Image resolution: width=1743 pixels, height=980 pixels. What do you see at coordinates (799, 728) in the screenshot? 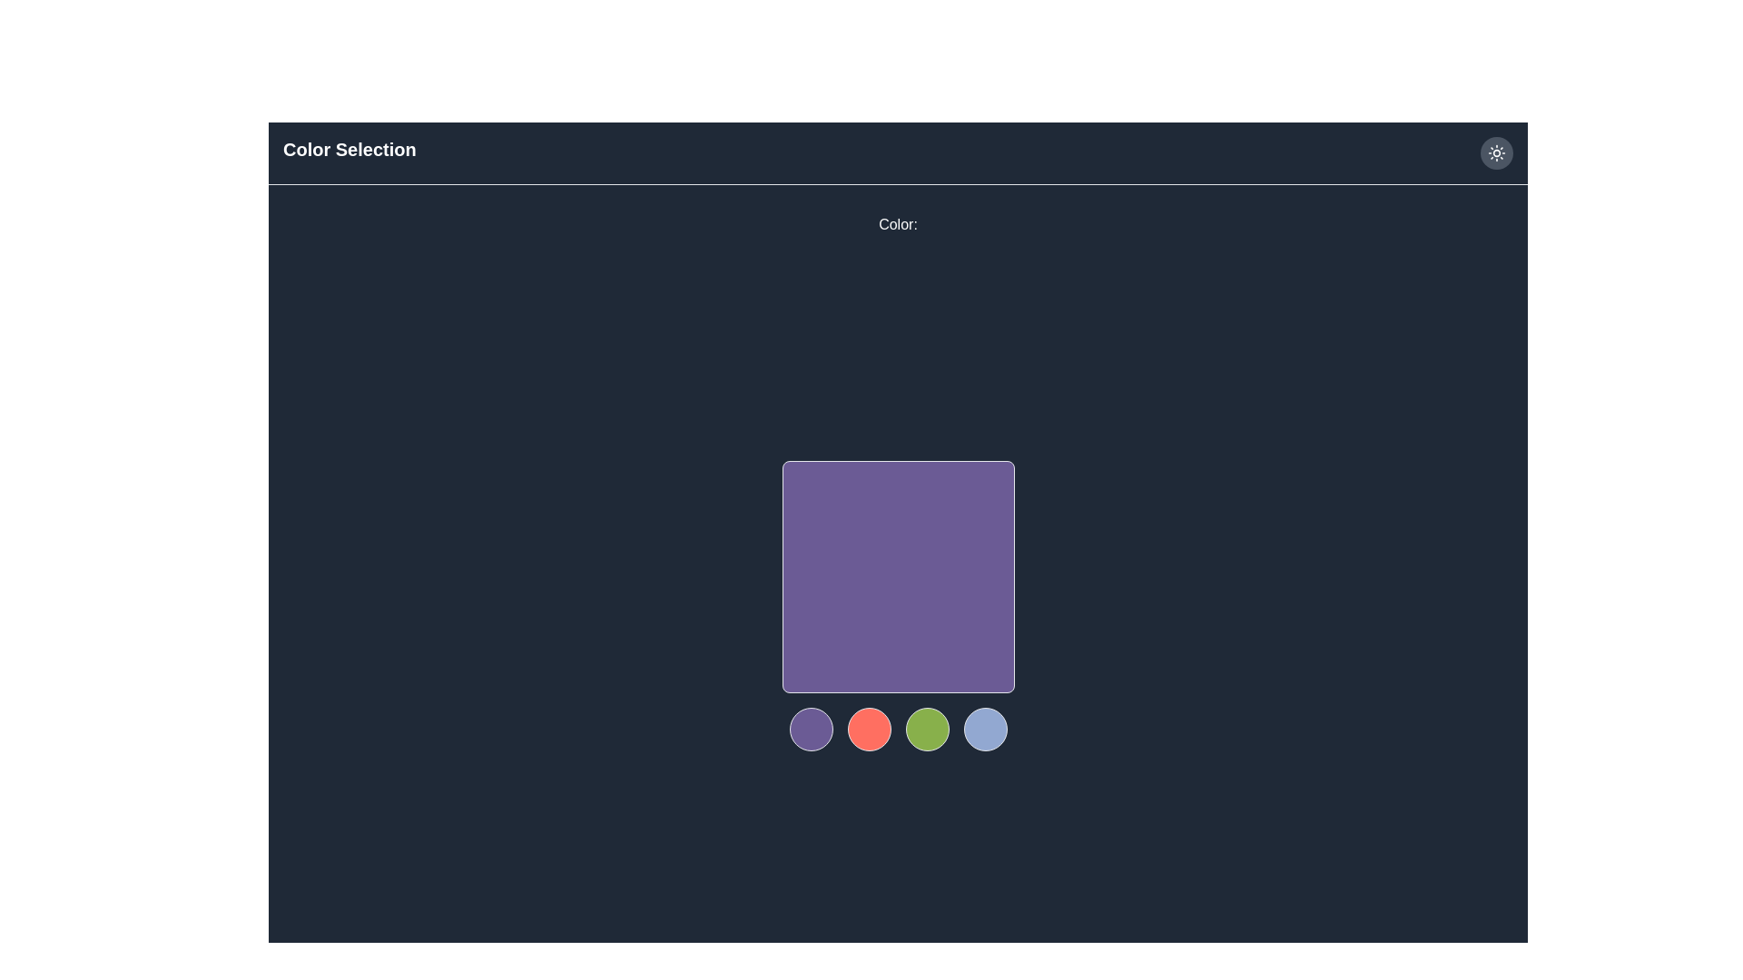
I see `inner SVG graphic element located within the first purple circular color option beneath the main purple square` at bounding box center [799, 728].